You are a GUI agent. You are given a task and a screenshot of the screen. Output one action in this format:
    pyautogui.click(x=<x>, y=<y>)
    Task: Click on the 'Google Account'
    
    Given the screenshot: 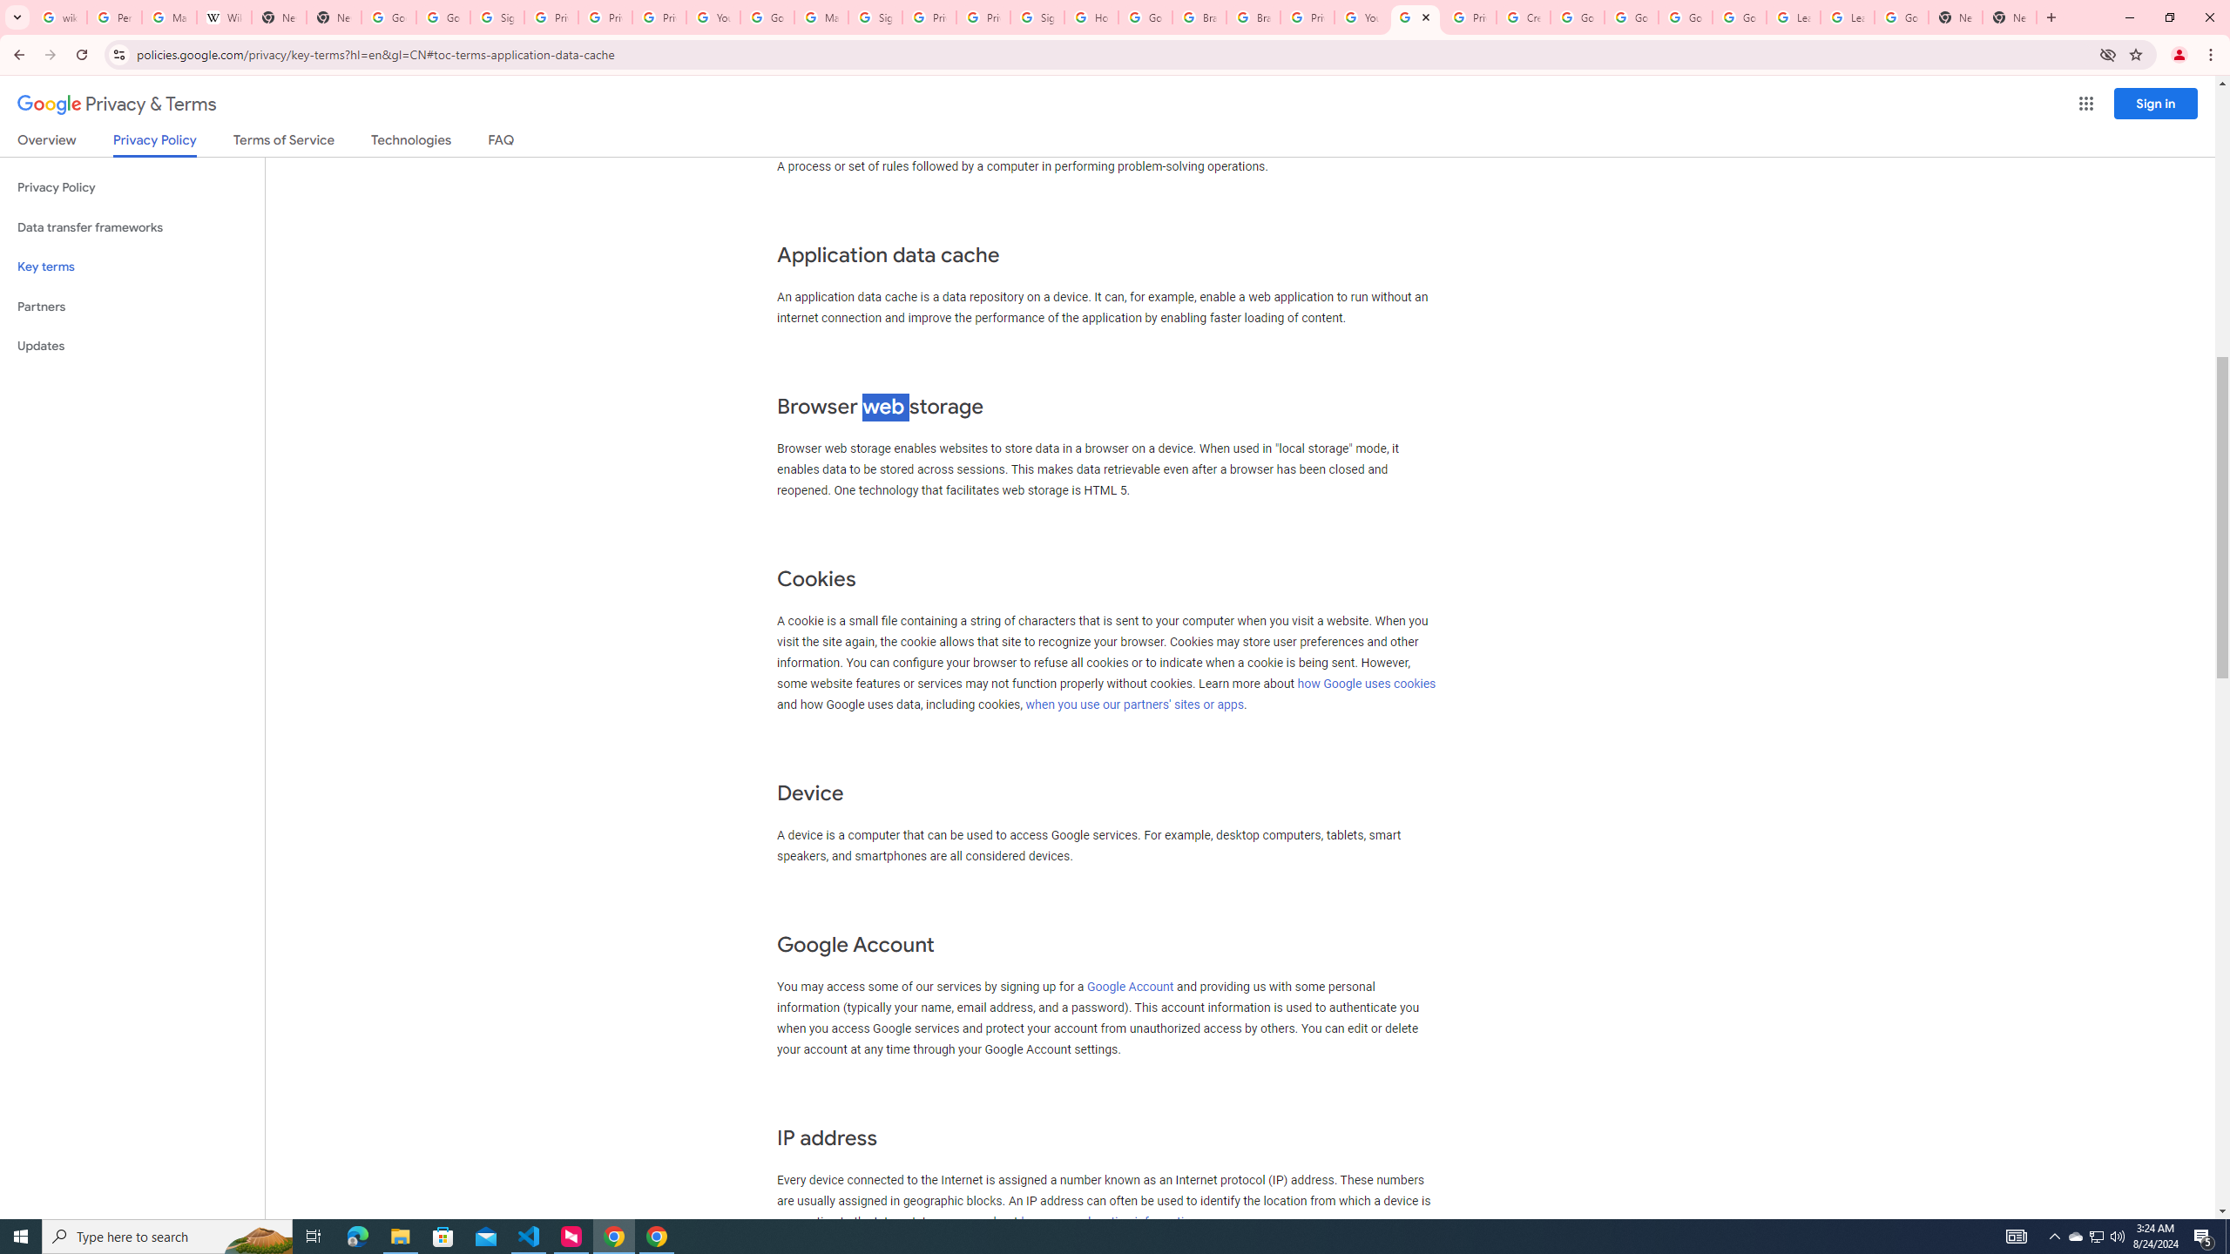 What is the action you would take?
    pyautogui.click(x=1129, y=987)
    